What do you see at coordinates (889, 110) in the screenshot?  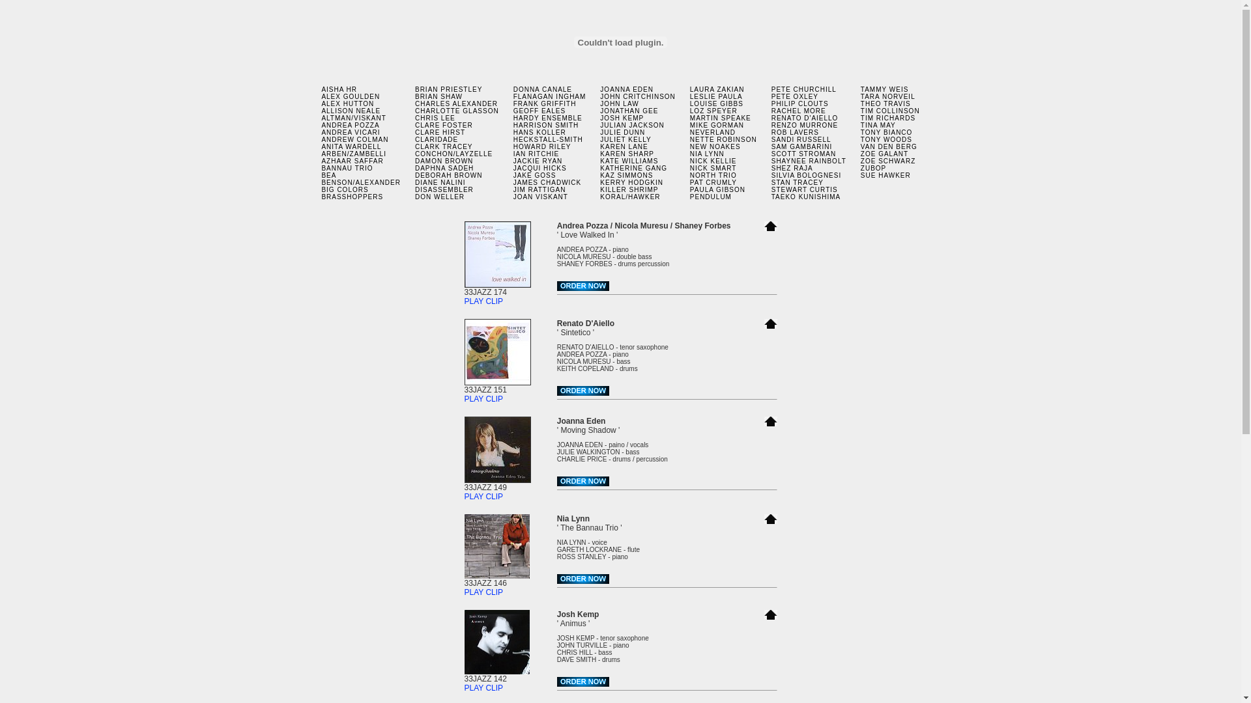 I see `'TIM COLLINSON'` at bounding box center [889, 110].